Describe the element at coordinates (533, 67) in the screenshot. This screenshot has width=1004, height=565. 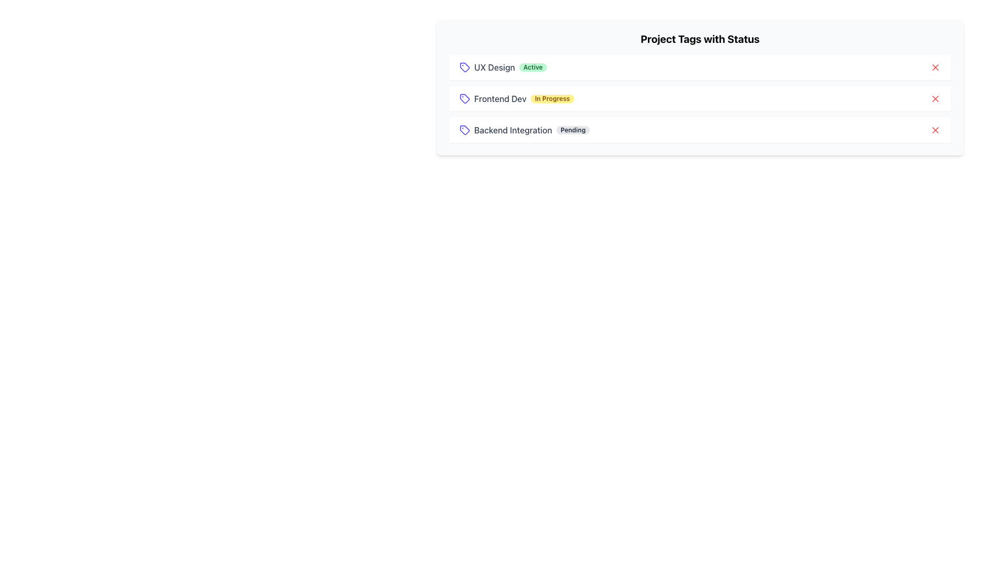
I see `the 'Active' badge with a light green background that indicates the status of the 'UX Design' project` at that location.